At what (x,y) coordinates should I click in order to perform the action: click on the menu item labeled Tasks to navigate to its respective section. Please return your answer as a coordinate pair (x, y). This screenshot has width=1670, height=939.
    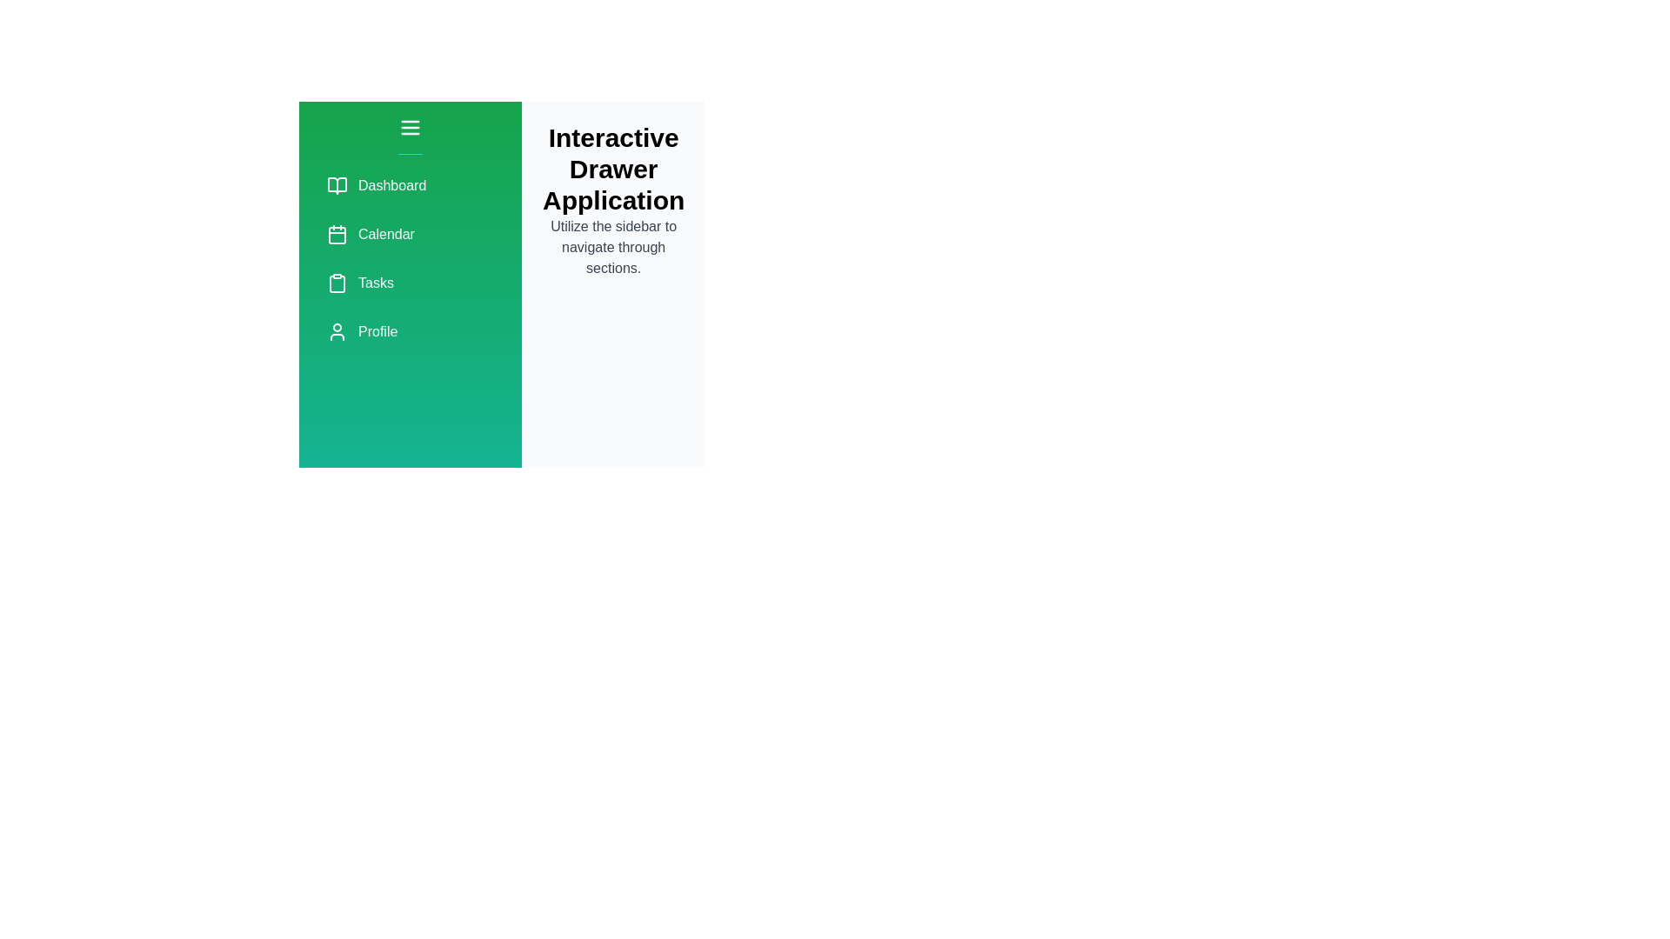
    Looking at the image, I should click on (409, 283).